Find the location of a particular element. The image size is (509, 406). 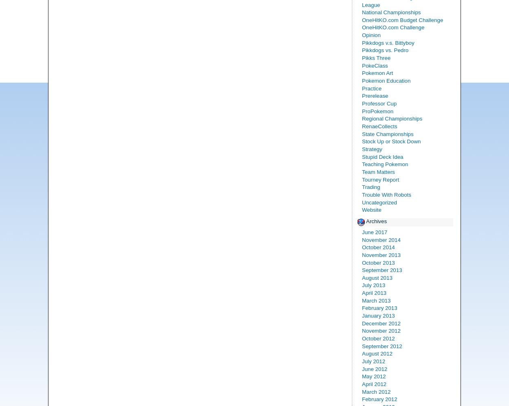

'Opinion' is located at coordinates (371, 35).